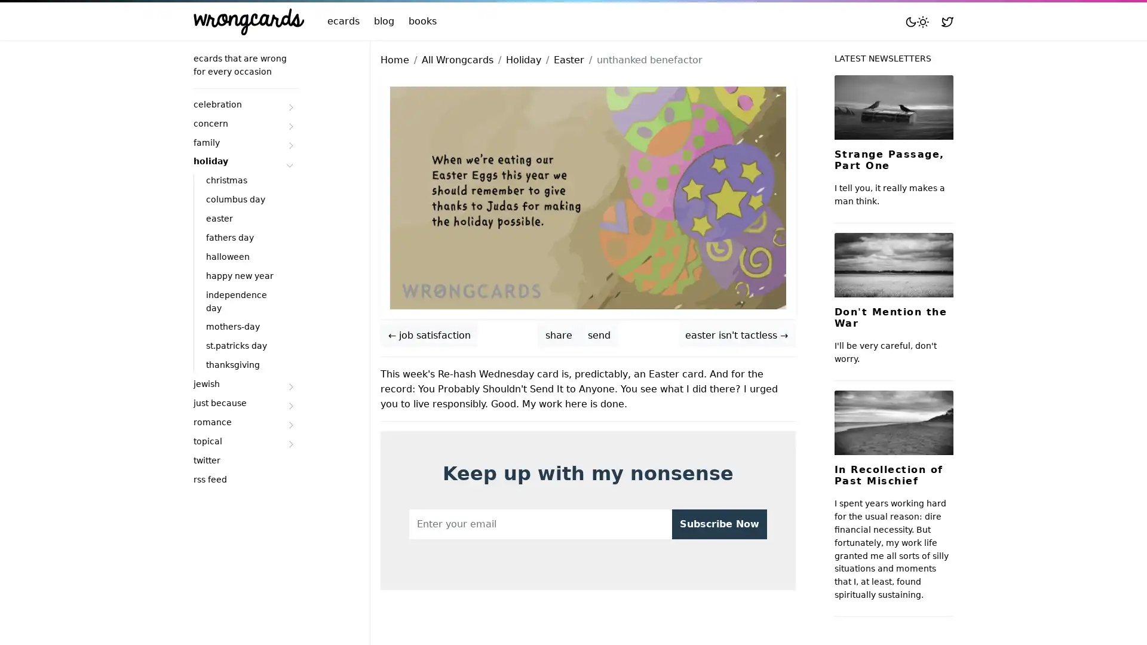 This screenshot has width=1147, height=645. Describe the element at coordinates (289, 444) in the screenshot. I see `Submenu` at that location.